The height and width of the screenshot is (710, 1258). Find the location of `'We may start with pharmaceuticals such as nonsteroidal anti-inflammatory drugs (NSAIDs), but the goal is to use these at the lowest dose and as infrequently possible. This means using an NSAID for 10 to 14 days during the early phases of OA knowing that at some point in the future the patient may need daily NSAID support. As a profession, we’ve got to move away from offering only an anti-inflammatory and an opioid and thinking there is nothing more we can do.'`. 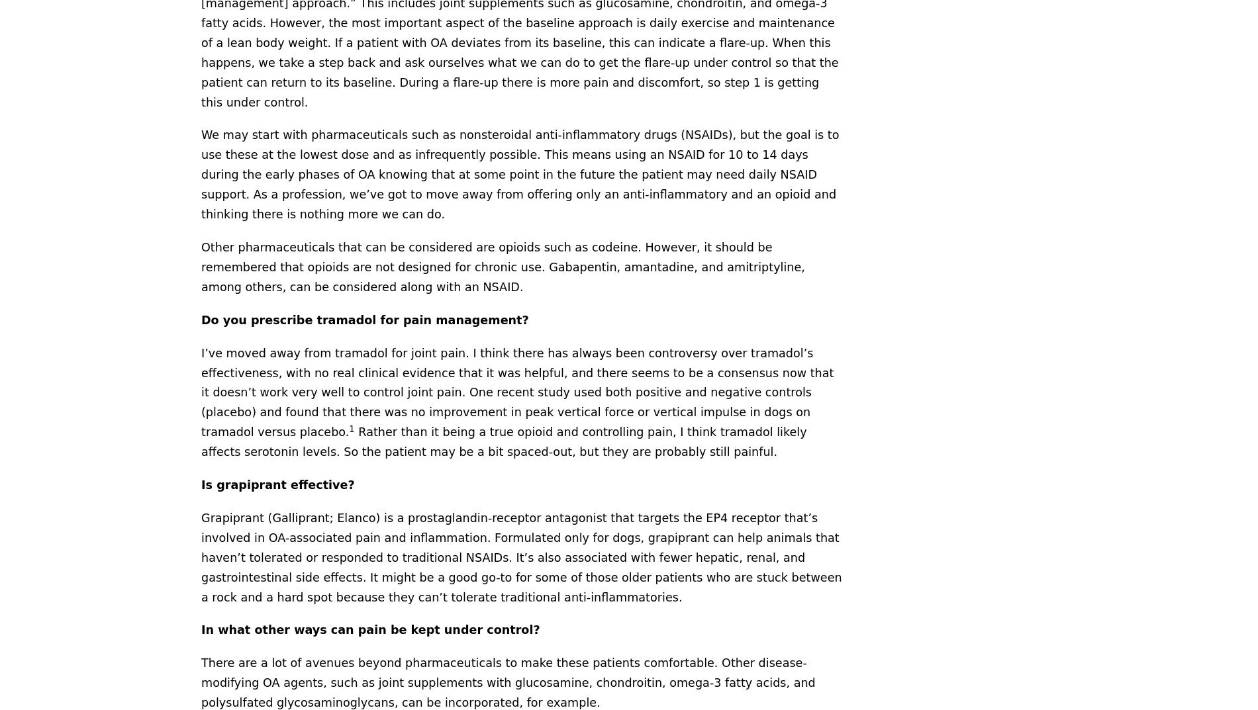

'We may start with pharmaceuticals such as nonsteroidal anti-inflammatory drugs (NSAIDs), but the goal is to use these at the lowest dose and as infrequently possible. This means using an NSAID for 10 to 14 days during the early phases of OA knowing that at some point in the future the patient may need daily NSAID support. As a profession, we’ve got to move away from offering only an anti-inflammatory and an opioid and thinking there is nothing more we can do.' is located at coordinates (519, 173).